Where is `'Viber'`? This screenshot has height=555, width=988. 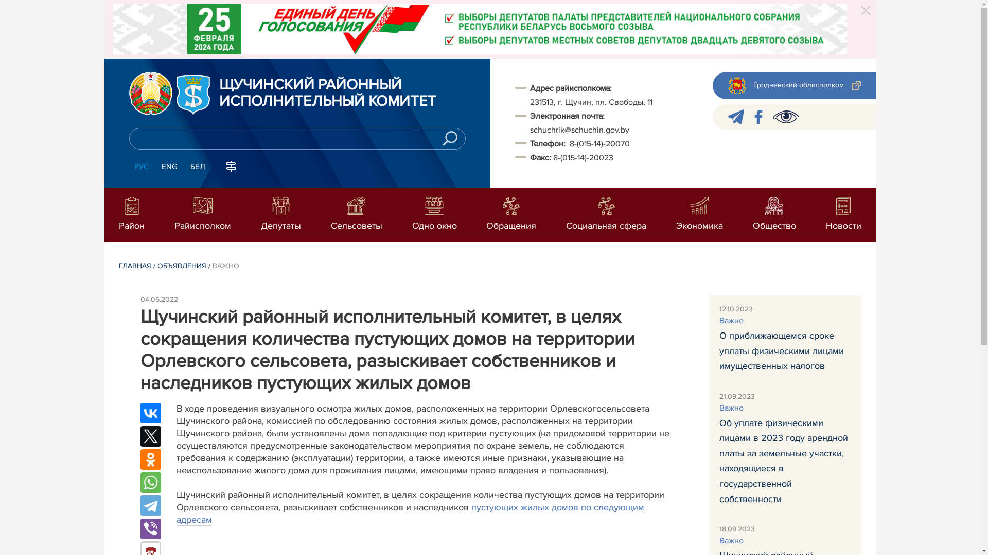
'Viber' is located at coordinates (150, 529).